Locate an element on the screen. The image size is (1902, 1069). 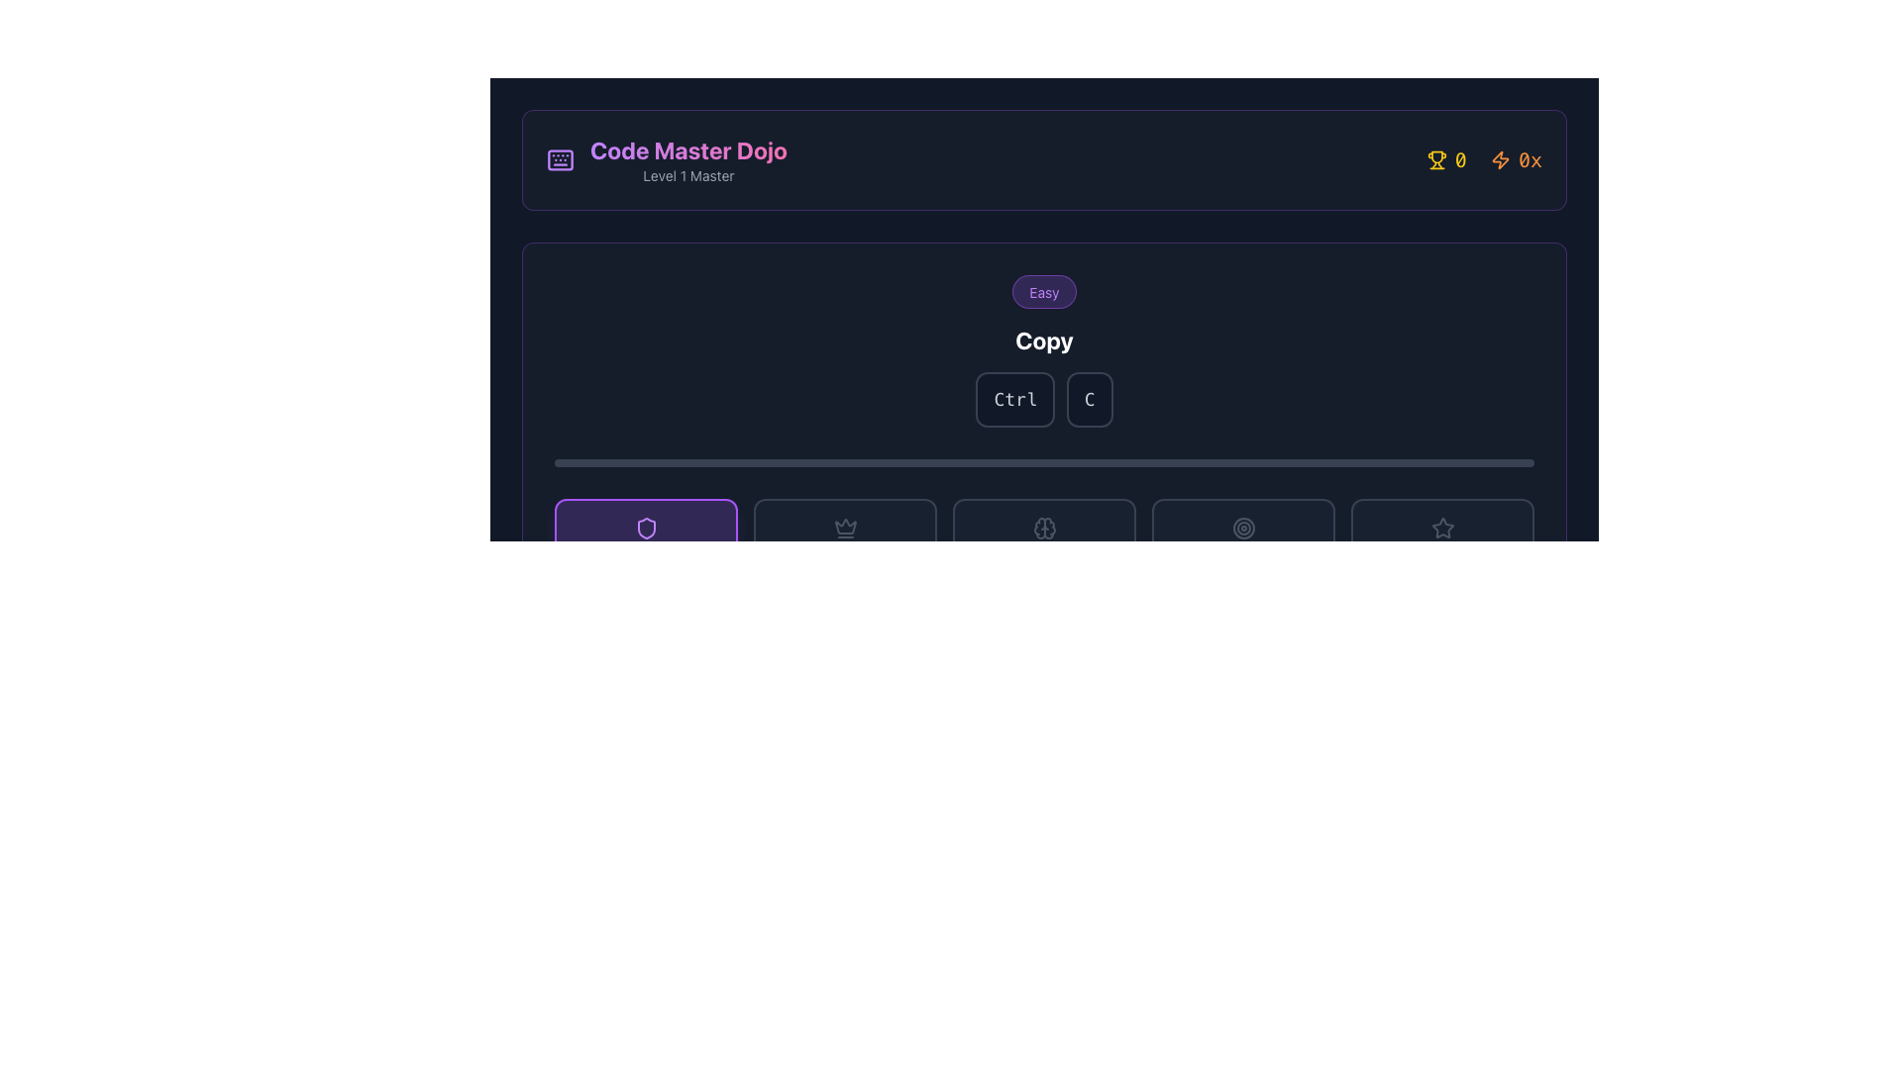
the button labeled 'C', which represents a keyboard shortcut and is located to the right of the 'Ctrl' button is located at coordinates (1089, 400).